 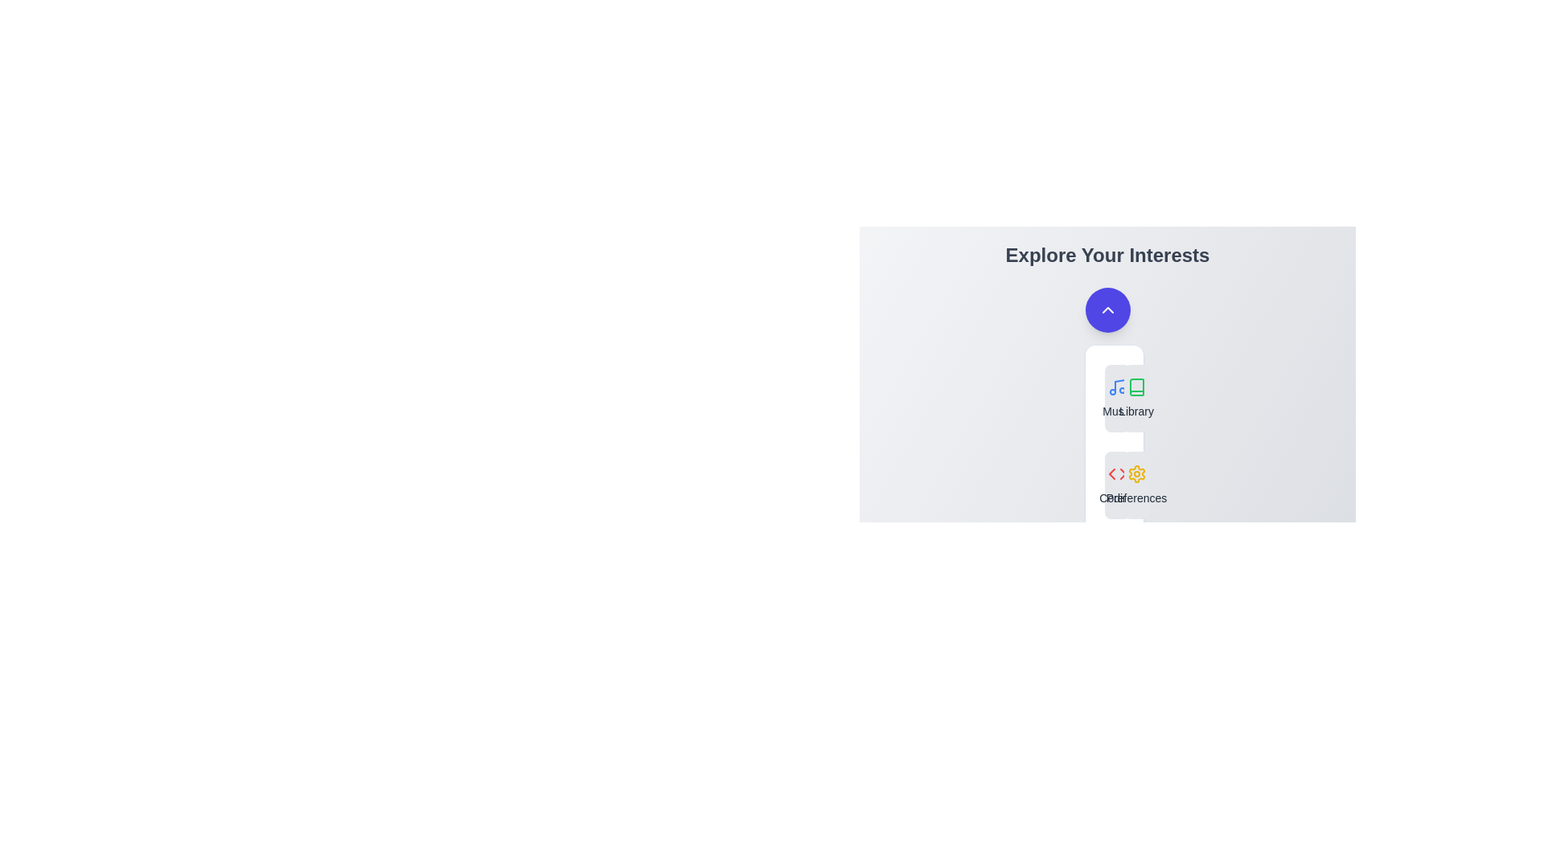 What do you see at coordinates (1135, 485) in the screenshot?
I see `the feature Preferences from the menu` at bounding box center [1135, 485].